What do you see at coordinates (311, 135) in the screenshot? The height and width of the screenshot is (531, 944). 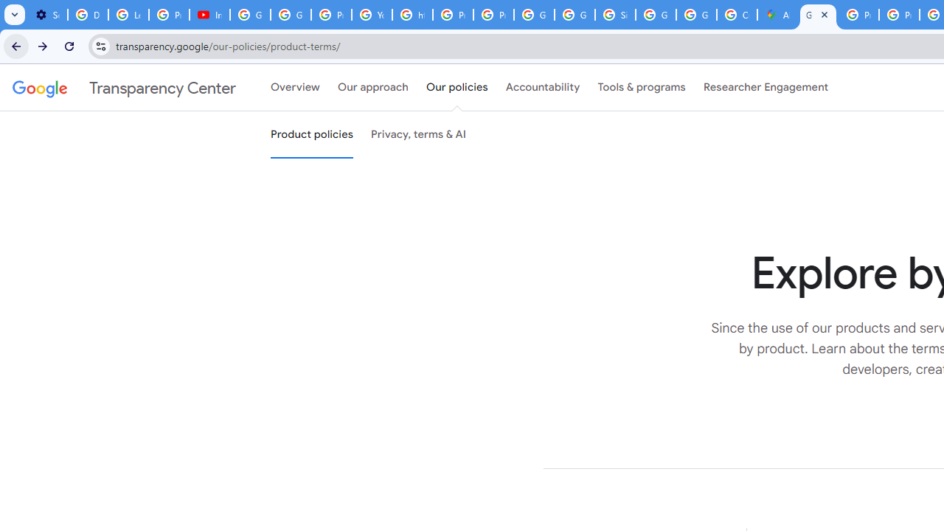 I see `'Product policies'` at bounding box center [311, 135].